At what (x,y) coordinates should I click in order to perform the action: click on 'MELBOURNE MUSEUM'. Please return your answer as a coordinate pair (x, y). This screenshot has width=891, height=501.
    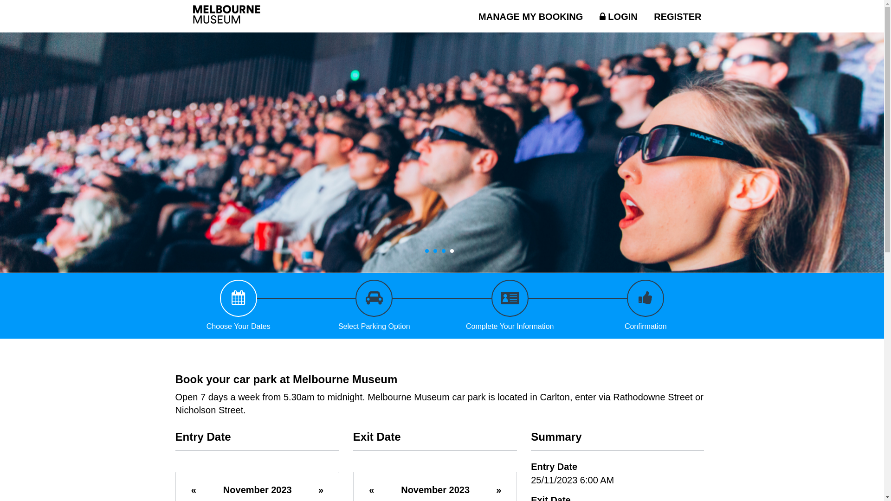
    Looking at the image, I should click on (180, 16).